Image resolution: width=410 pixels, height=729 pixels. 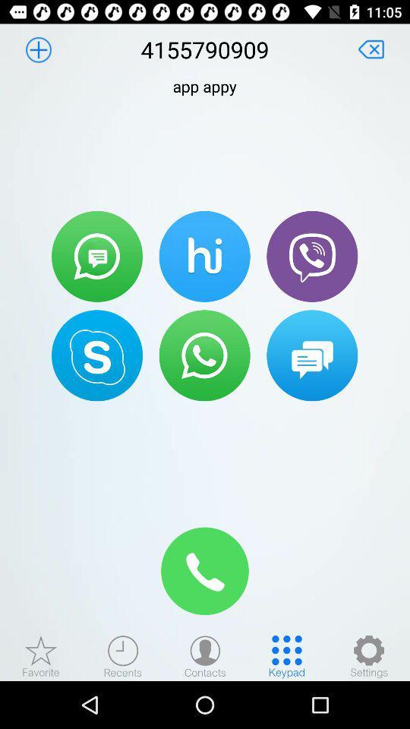 I want to click on favourites, so click(x=41, y=655).